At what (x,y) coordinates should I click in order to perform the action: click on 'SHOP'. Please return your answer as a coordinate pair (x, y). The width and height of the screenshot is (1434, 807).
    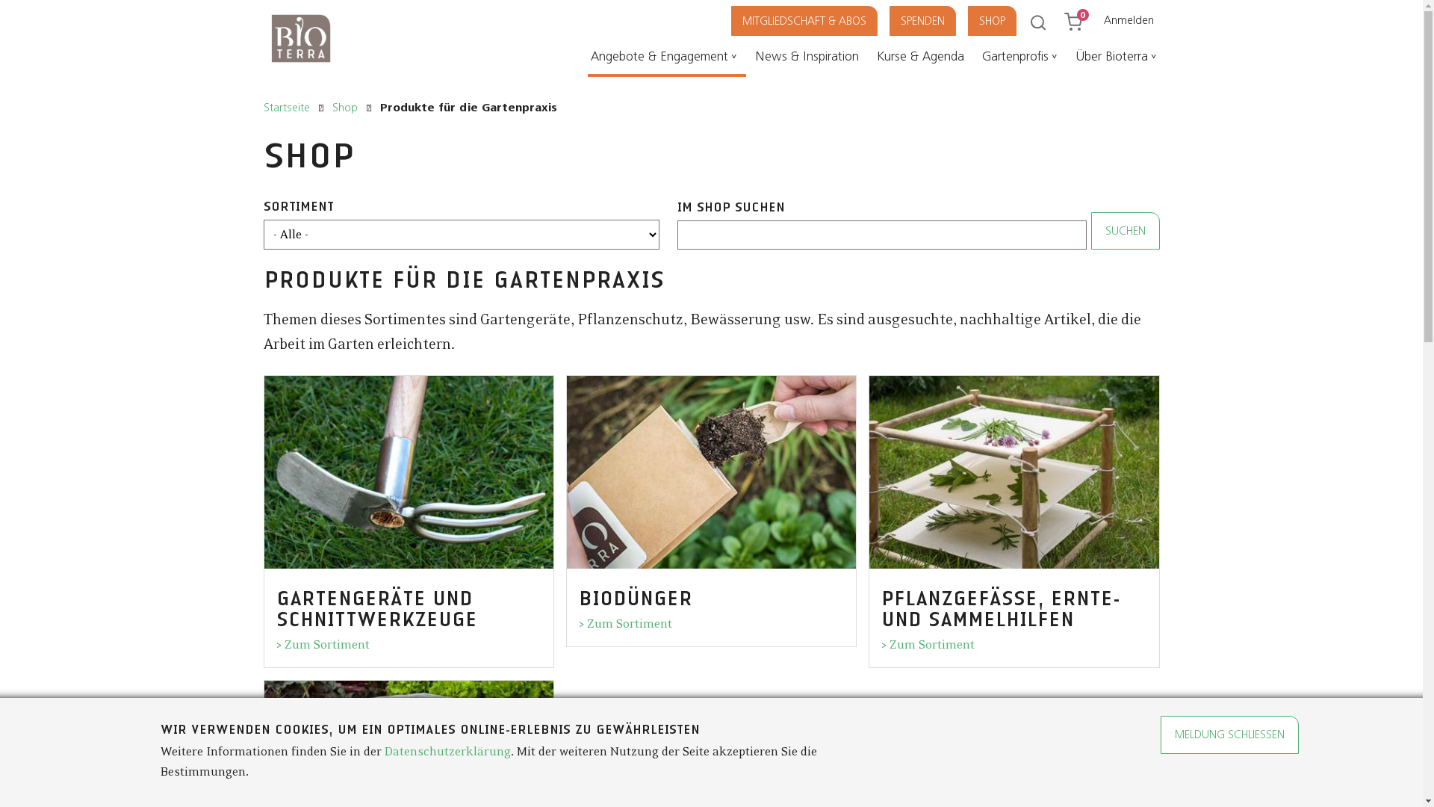
    Looking at the image, I should click on (1002, 20).